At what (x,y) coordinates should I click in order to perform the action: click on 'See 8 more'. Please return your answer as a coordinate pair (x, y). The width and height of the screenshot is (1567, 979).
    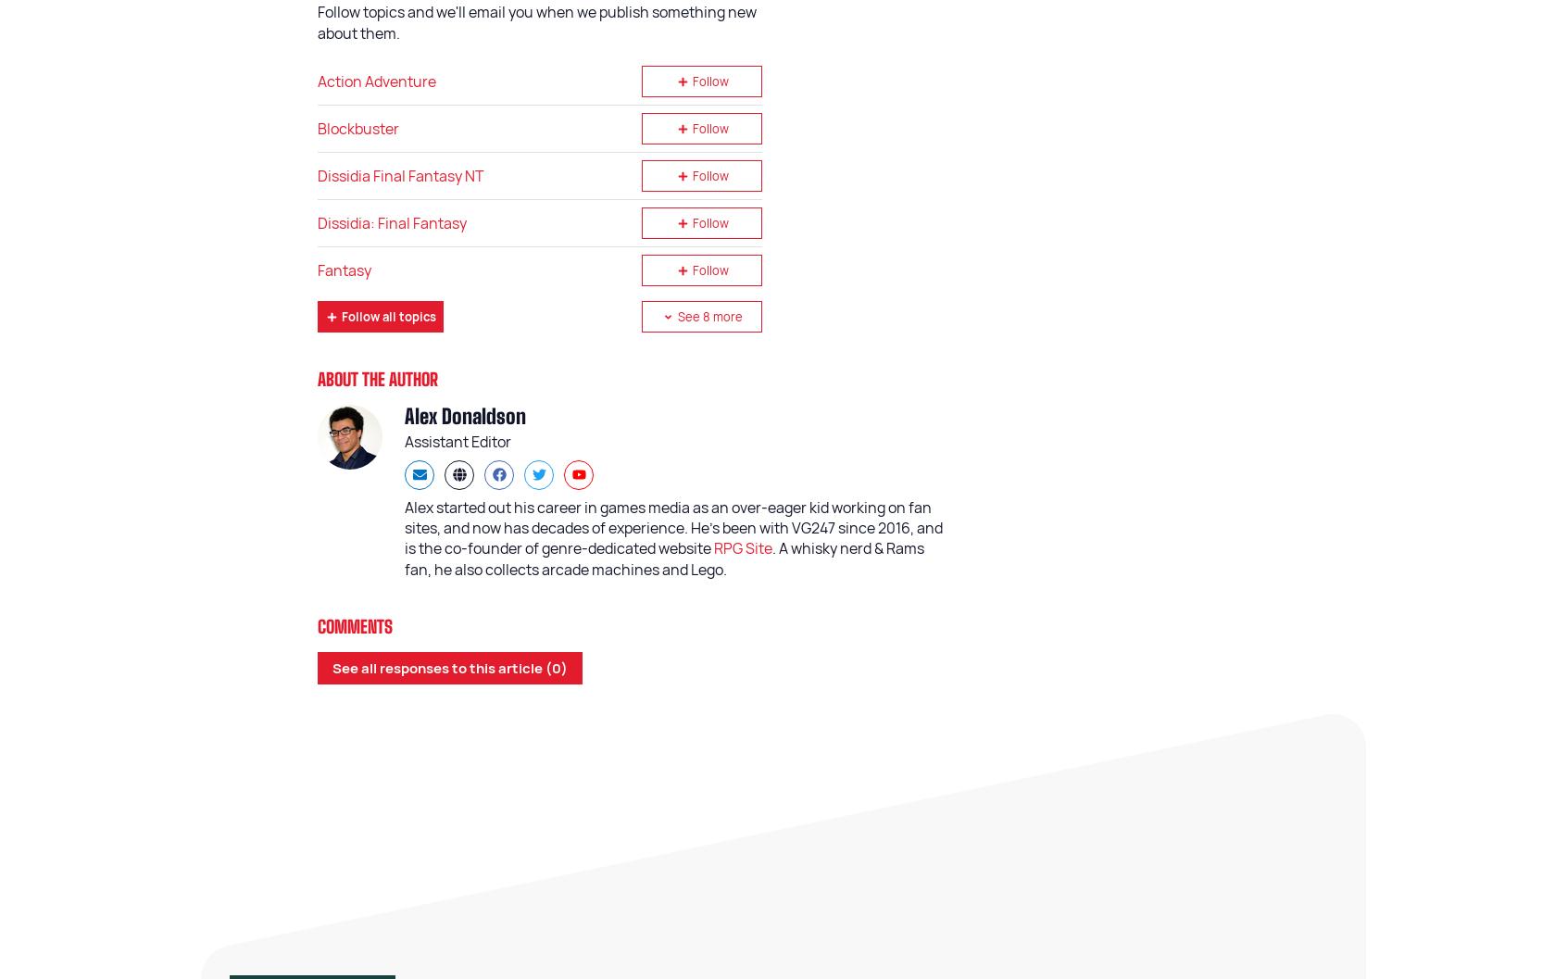
    Looking at the image, I should click on (708, 315).